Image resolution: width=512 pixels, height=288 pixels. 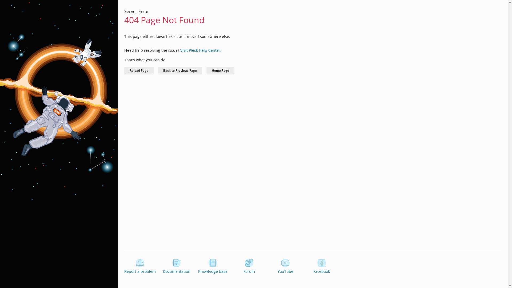 What do you see at coordinates (212, 266) in the screenshot?
I see `'Knowledge base'` at bounding box center [212, 266].